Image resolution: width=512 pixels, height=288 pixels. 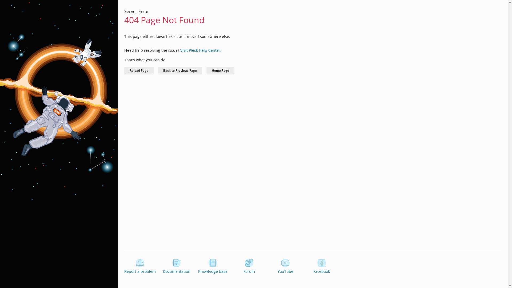 What do you see at coordinates (212, 266) in the screenshot?
I see `'Knowledge base'` at bounding box center [212, 266].